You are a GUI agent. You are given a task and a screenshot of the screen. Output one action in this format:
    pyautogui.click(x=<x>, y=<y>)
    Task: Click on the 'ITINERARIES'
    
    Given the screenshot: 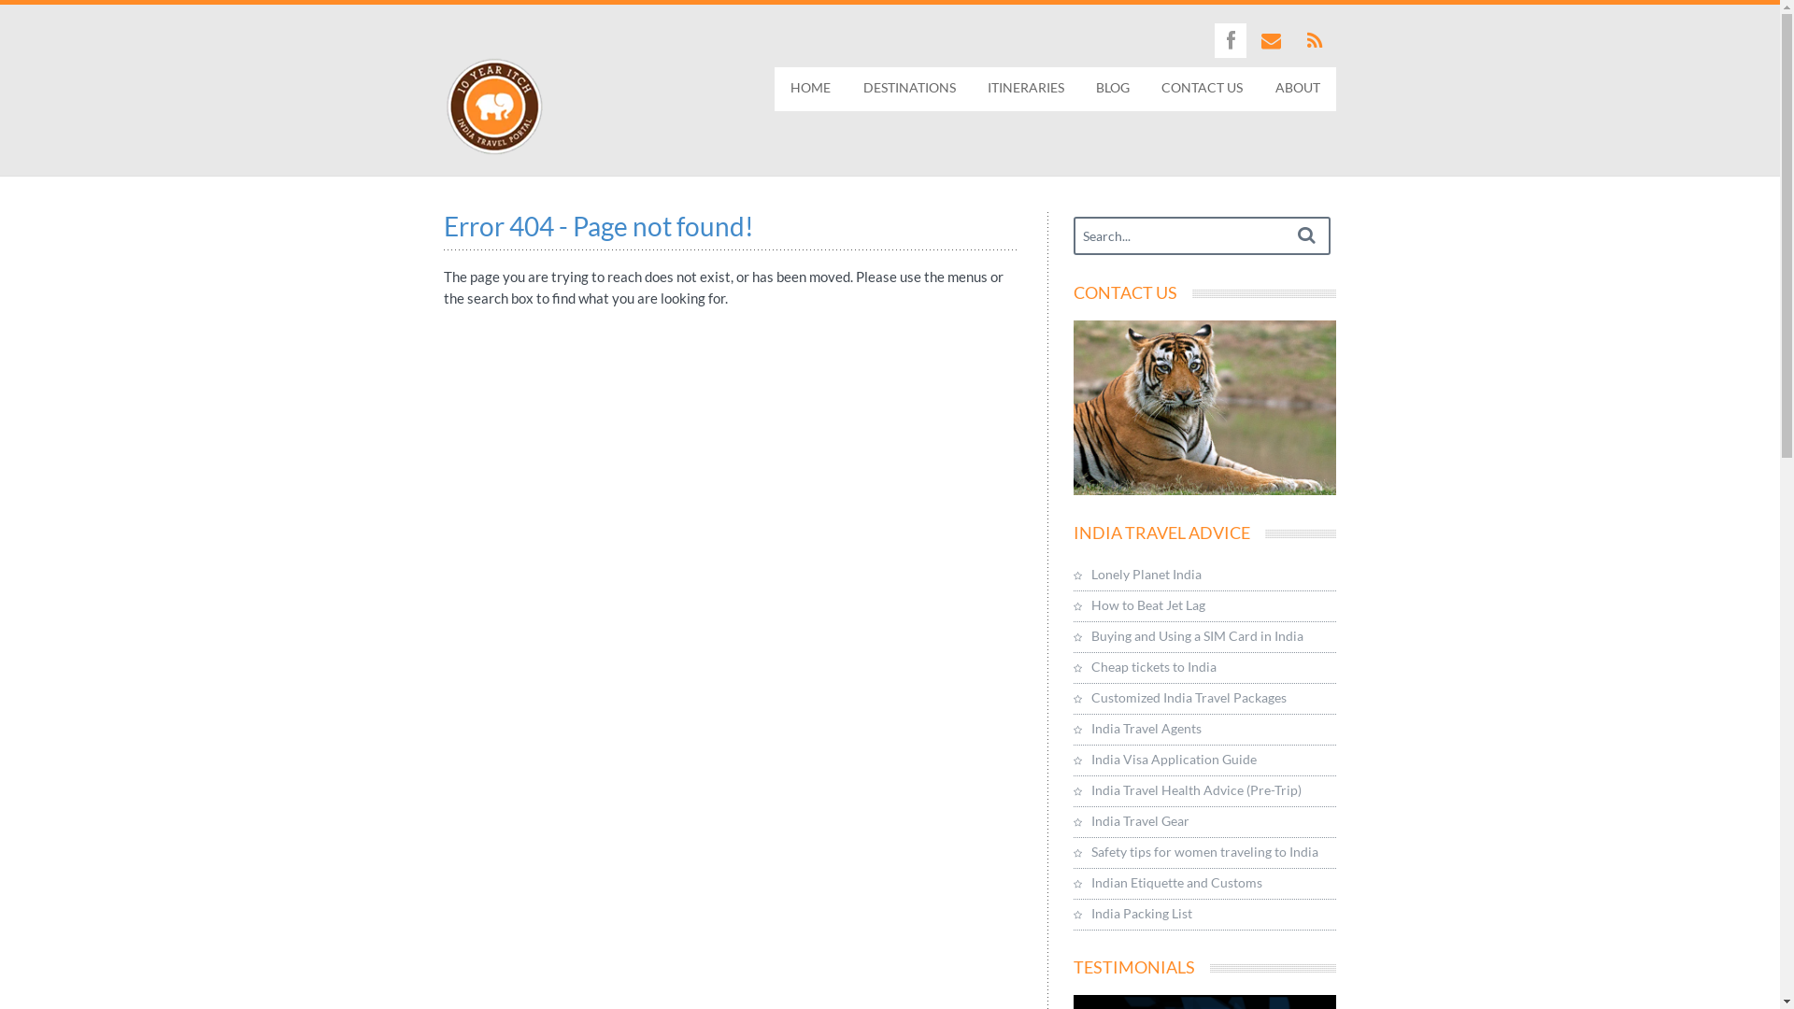 What is the action you would take?
    pyautogui.click(x=1025, y=89)
    